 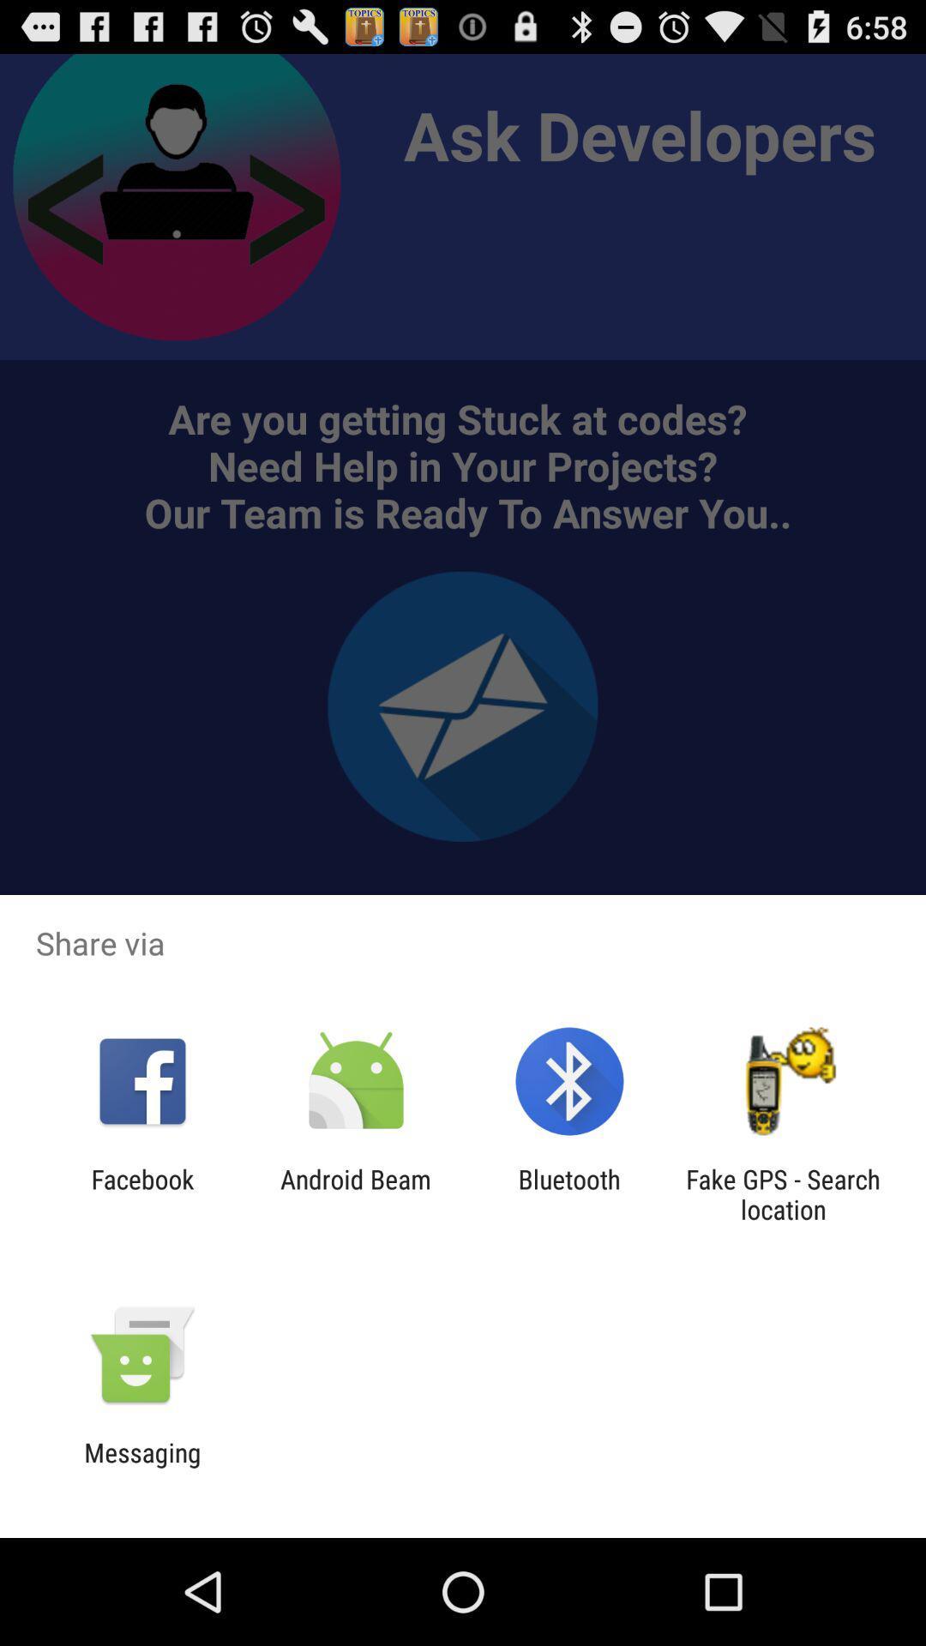 I want to click on facebook app, so click(x=141, y=1193).